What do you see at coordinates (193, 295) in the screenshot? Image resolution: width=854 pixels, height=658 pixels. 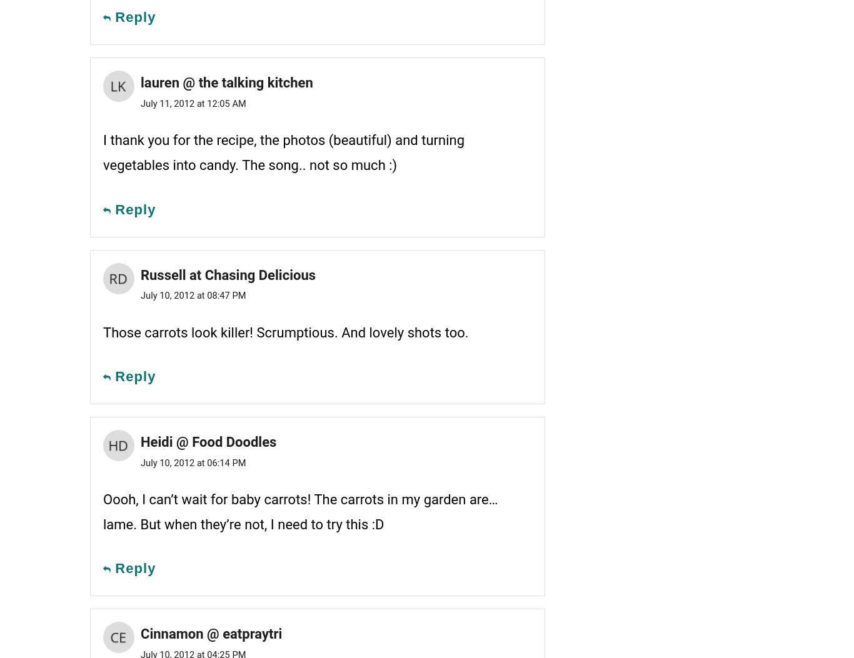 I see `'July 10, 2012 at 08:47 PM'` at bounding box center [193, 295].